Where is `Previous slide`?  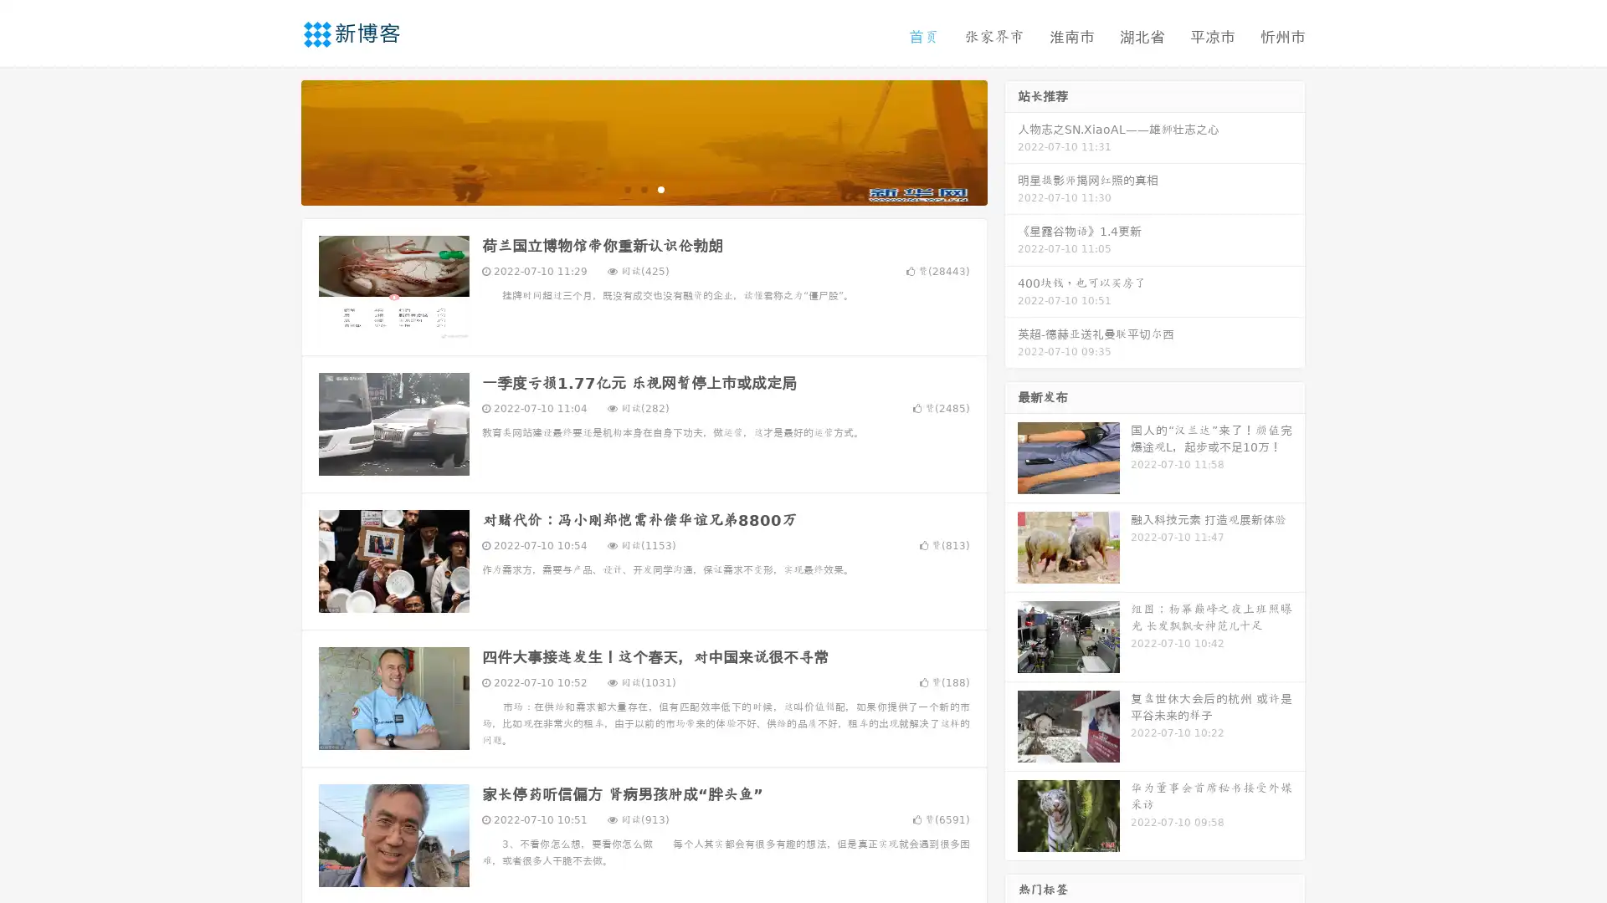 Previous slide is located at coordinates (276, 140).